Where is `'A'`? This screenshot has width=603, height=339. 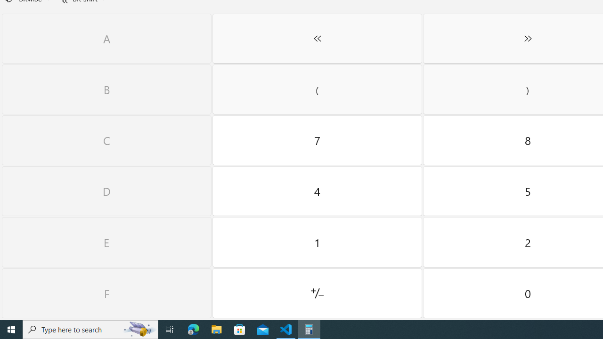 'A' is located at coordinates (106, 38).